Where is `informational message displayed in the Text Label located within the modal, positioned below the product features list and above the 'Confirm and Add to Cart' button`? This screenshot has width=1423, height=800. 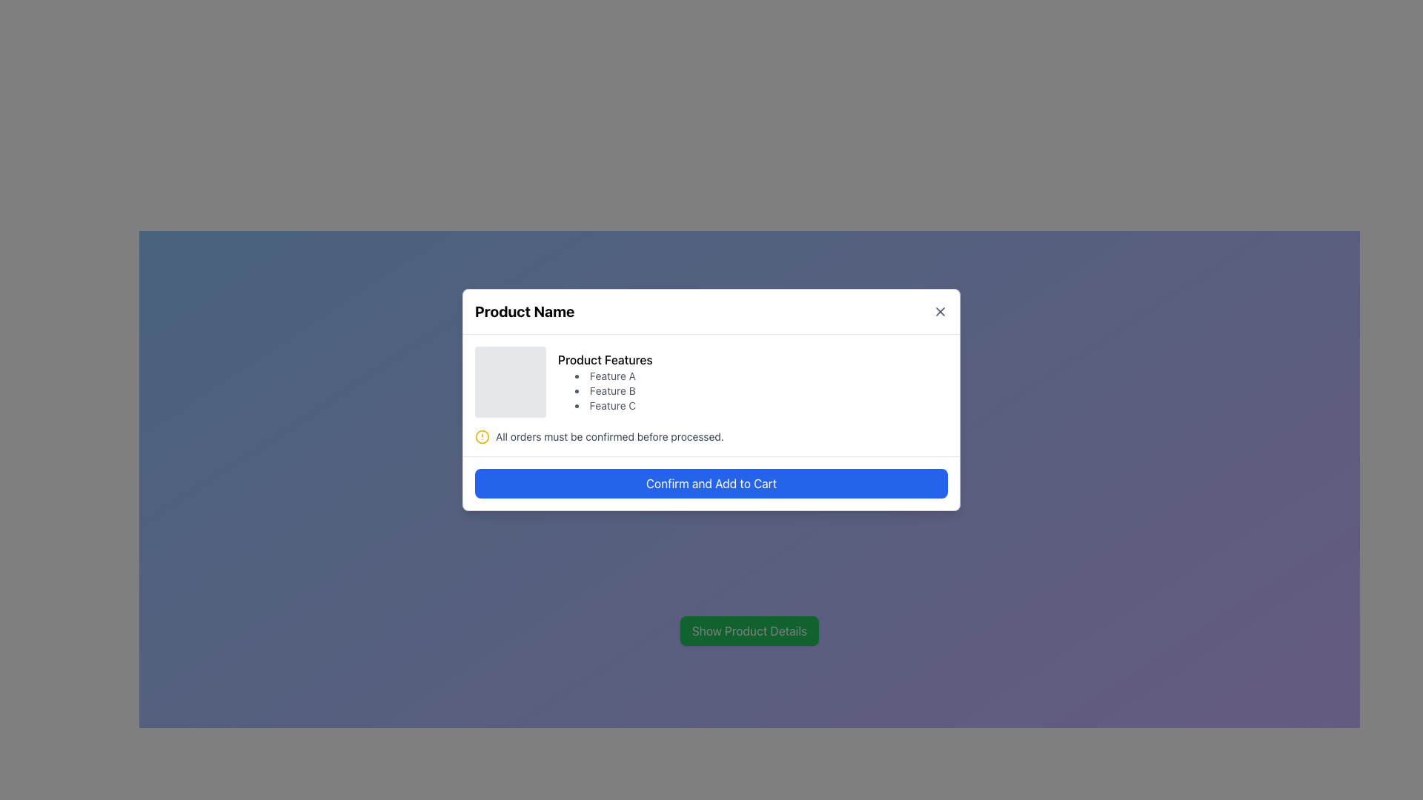 informational message displayed in the Text Label located within the modal, positioned below the product features list and above the 'Confirm and Add to Cart' button is located at coordinates (609, 436).